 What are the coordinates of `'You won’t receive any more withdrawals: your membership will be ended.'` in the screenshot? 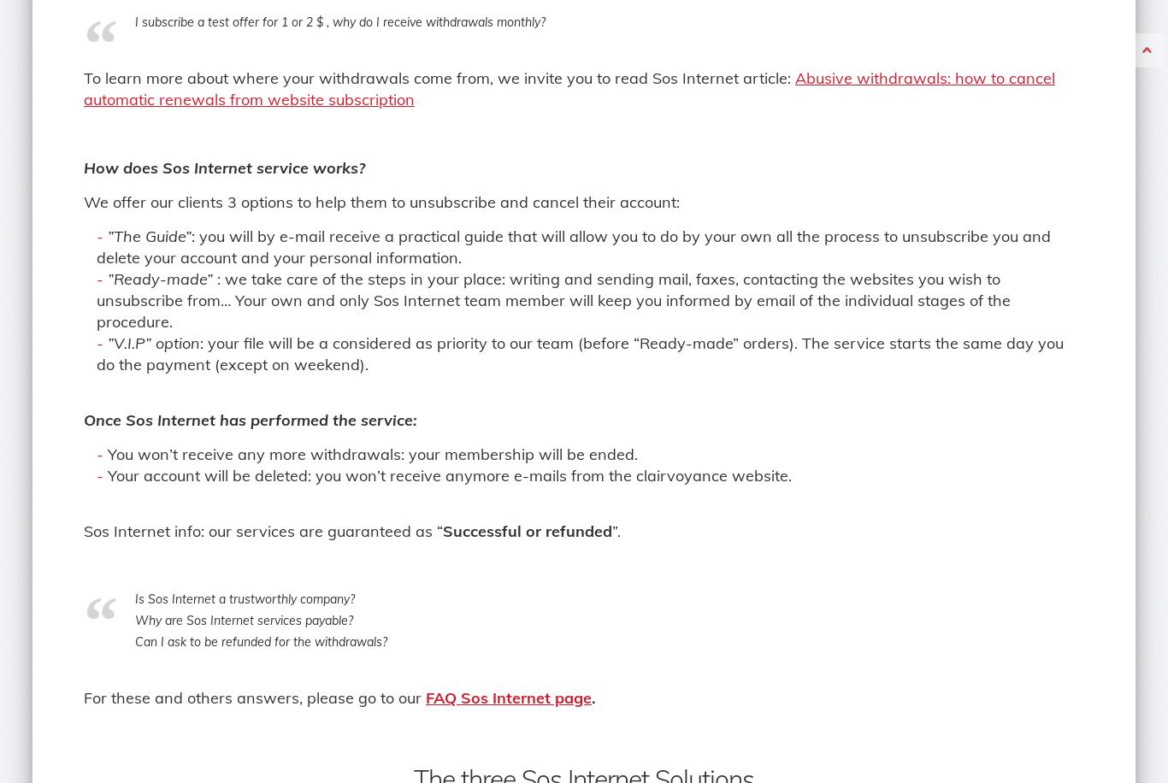 It's located at (372, 453).